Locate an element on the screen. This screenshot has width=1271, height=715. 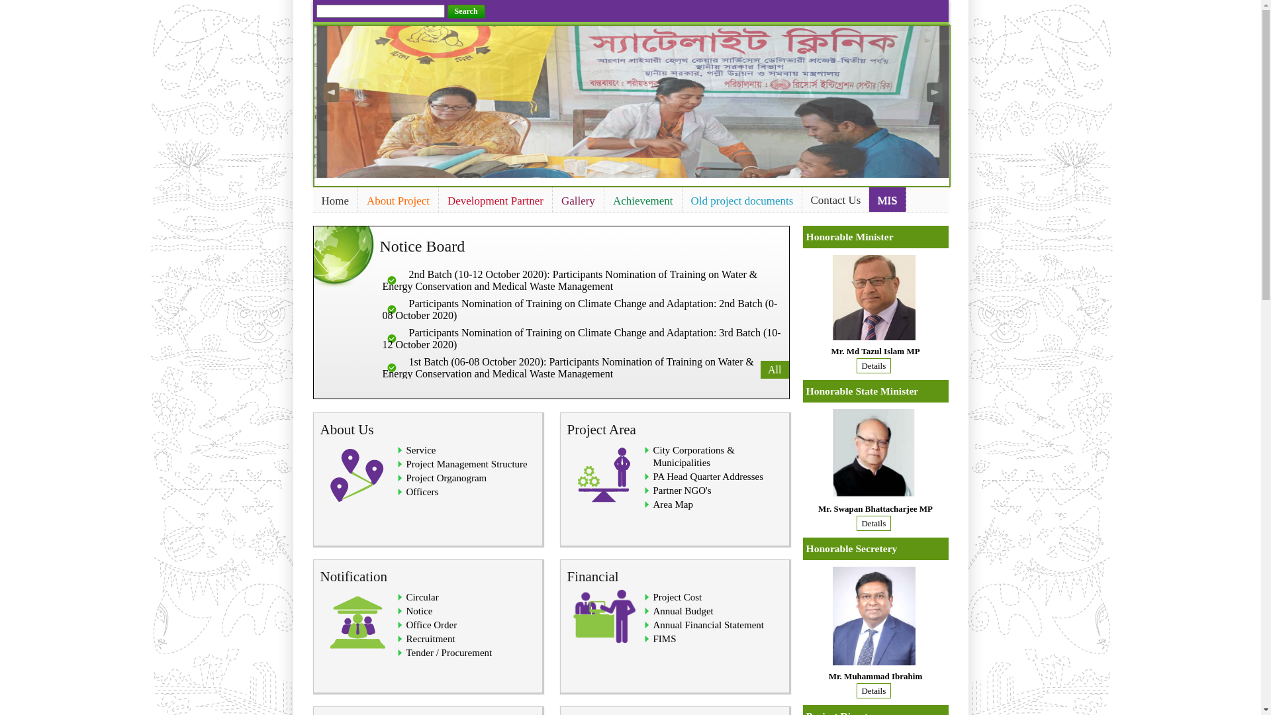
'Details' is located at coordinates (874, 522).